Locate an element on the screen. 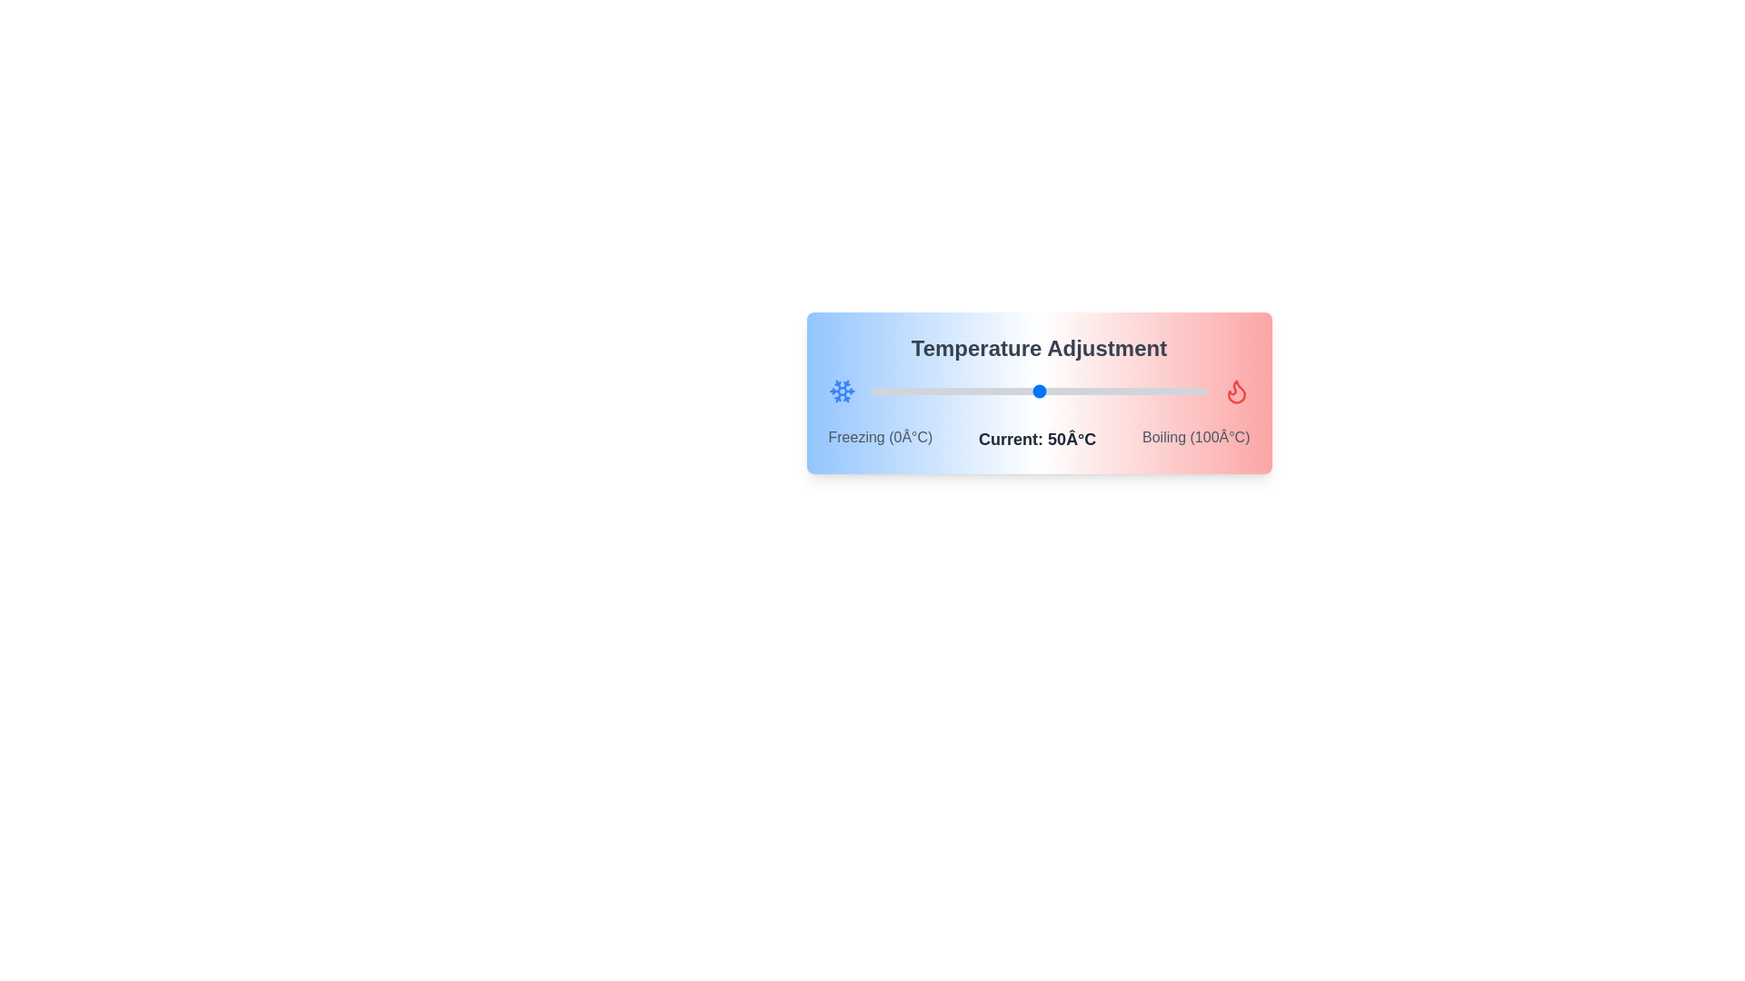 The height and width of the screenshot is (981, 1745). the temperature slider to 99°C is located at coordinates (1204, 391).